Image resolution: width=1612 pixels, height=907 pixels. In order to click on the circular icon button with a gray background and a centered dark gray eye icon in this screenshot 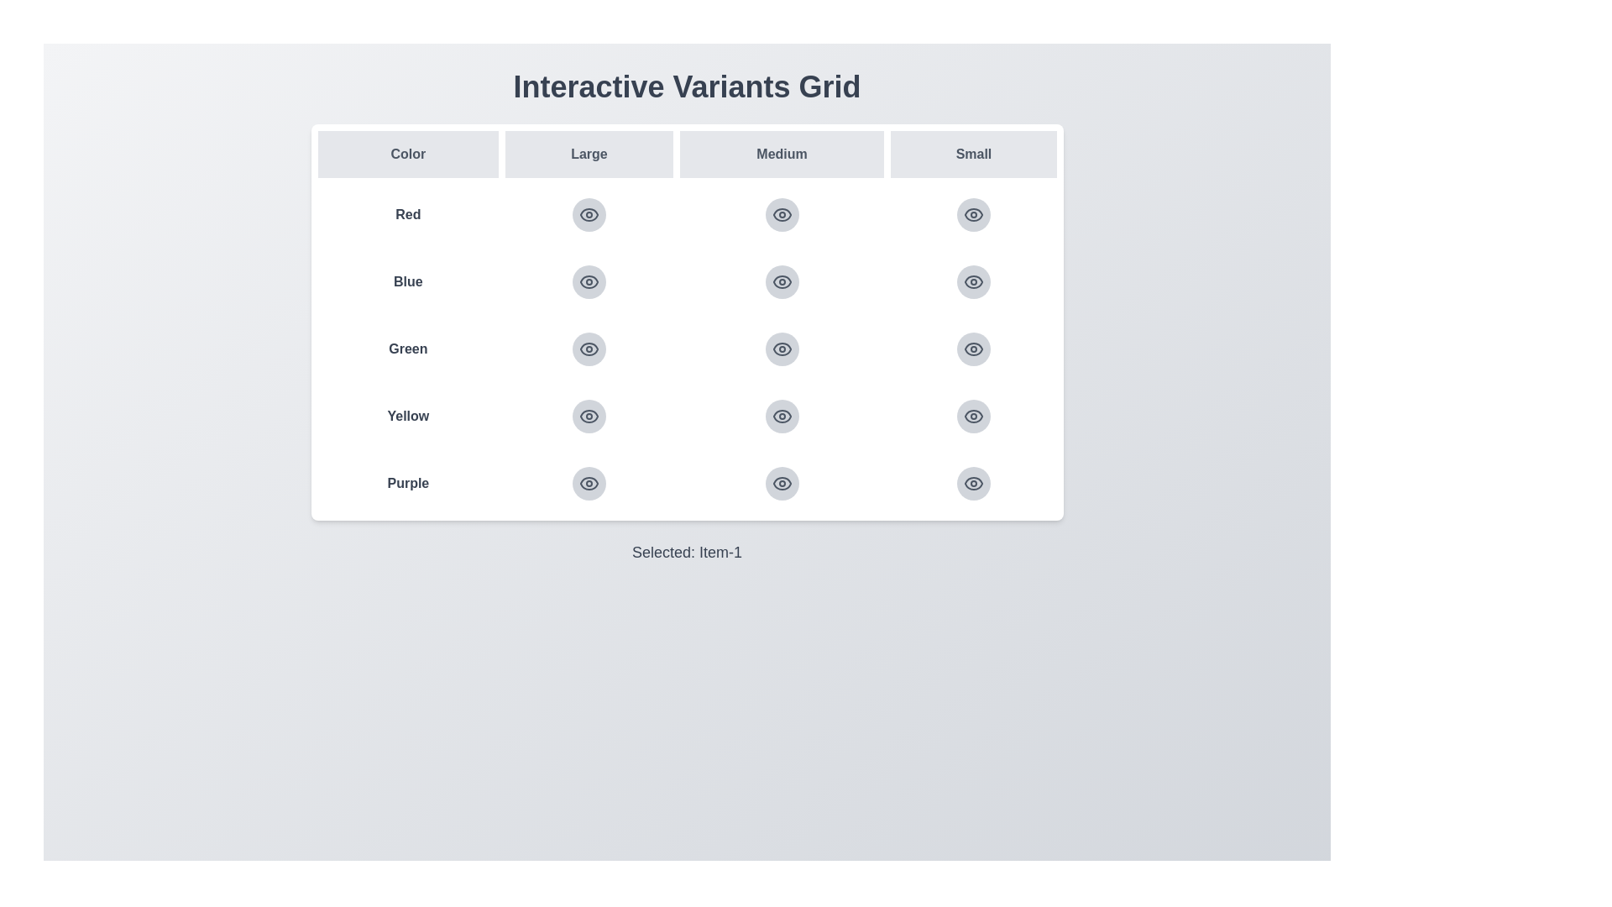, I will do `click(589, 280)`.